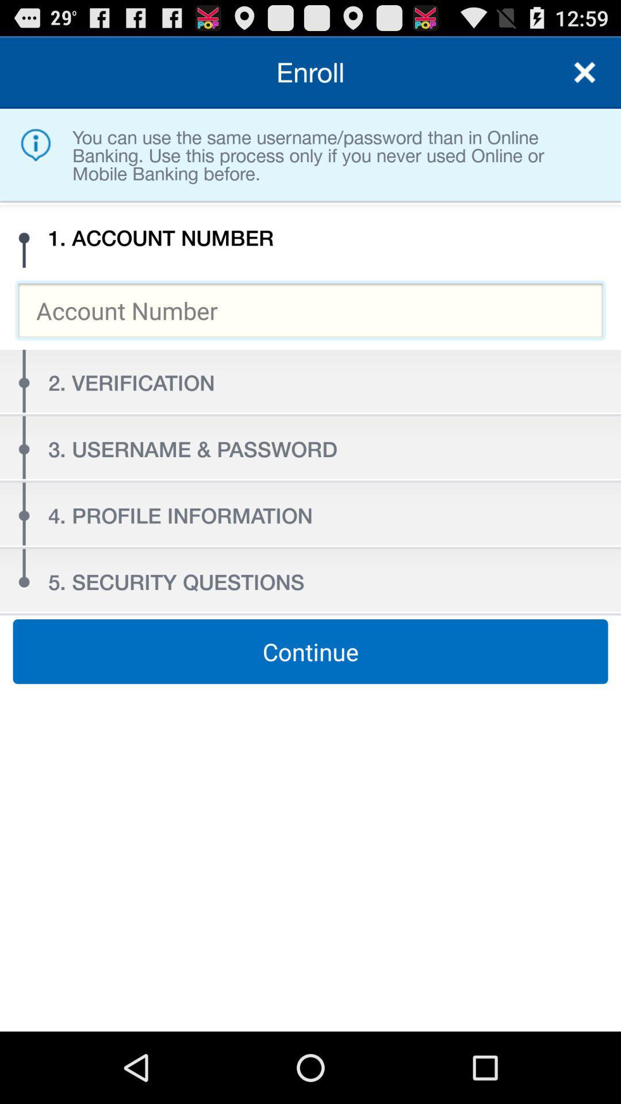  What do you see at coordinates (585, 71) in the screenshot?
I see `item above you can use` at bounding box center [585, 71].